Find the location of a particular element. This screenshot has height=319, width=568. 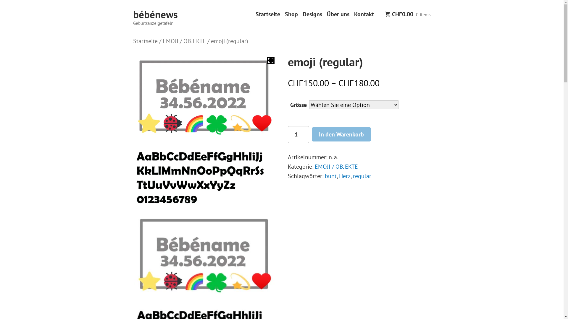

'CHF0.00 0 items' is located at coordinates (407, 14).